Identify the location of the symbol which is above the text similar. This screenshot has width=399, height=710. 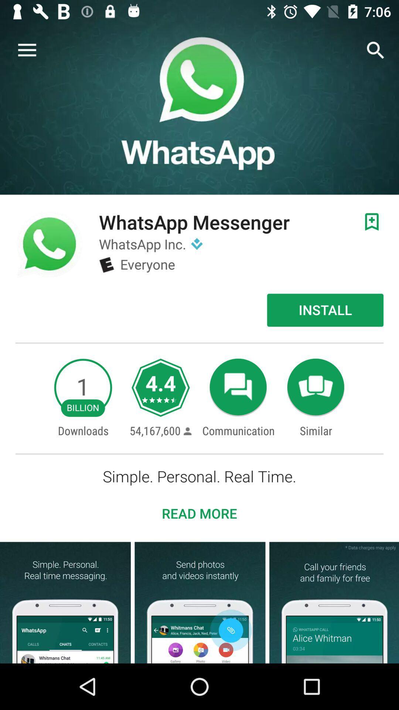
(316, 387).